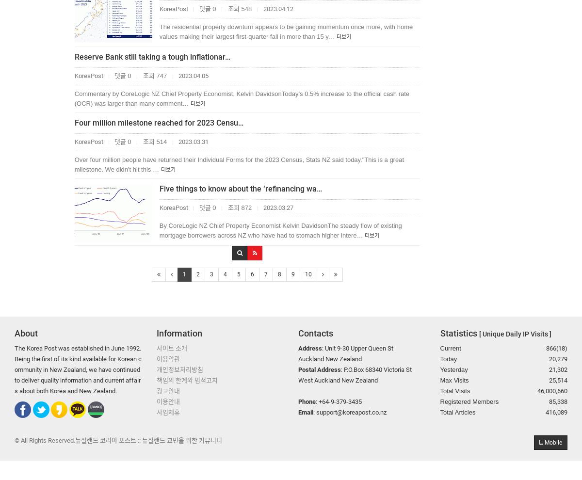 This screenshot has height=480, width=582. I want to click on '뉴질랜드 코리아 포스트 :: 뉴질랜드 교민을 위한 커뮤니티', so click(148, 439).